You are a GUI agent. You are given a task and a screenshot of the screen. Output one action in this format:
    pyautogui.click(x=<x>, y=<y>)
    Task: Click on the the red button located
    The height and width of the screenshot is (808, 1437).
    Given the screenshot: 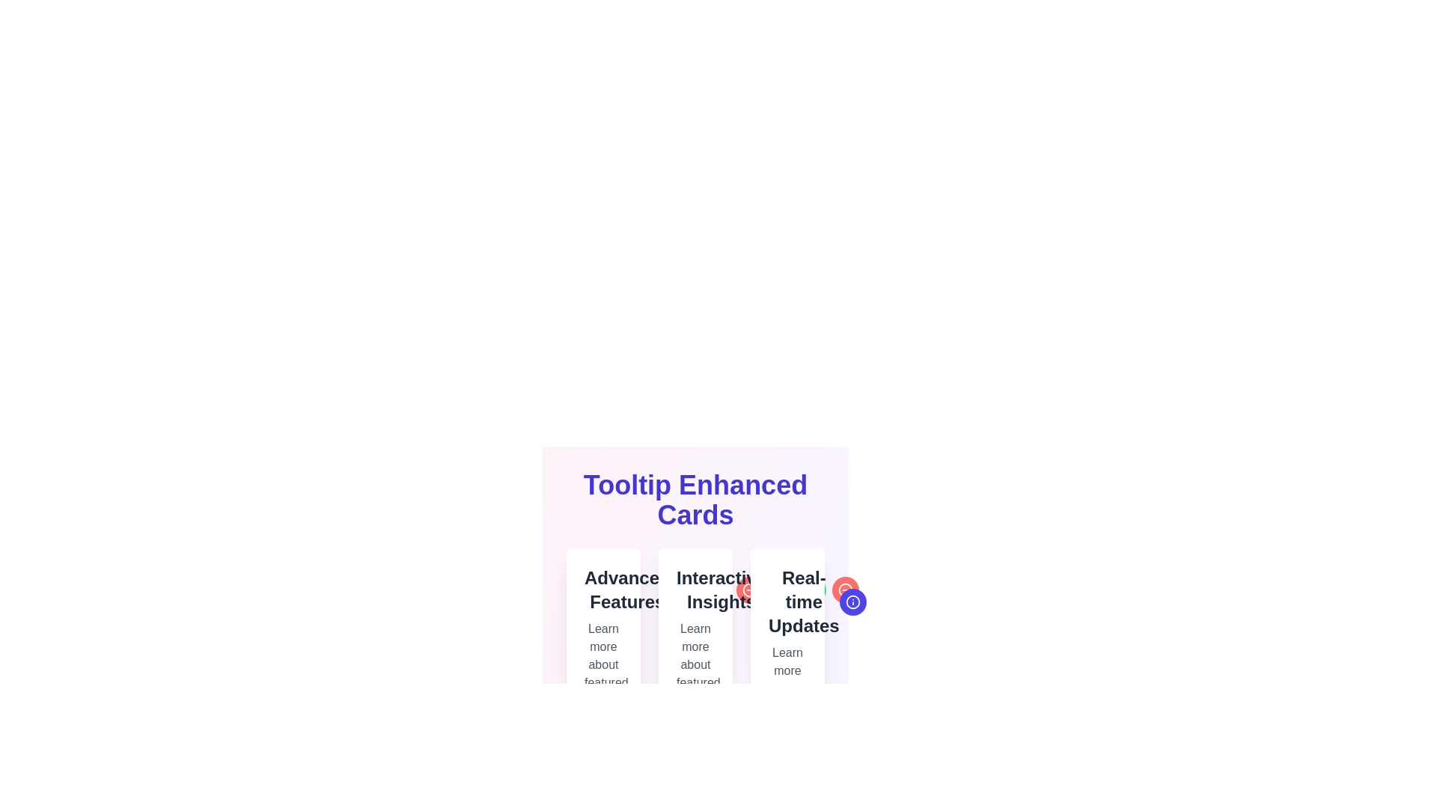 What is the action you would take?
    pyautogui.click(x=812, y=590)
    